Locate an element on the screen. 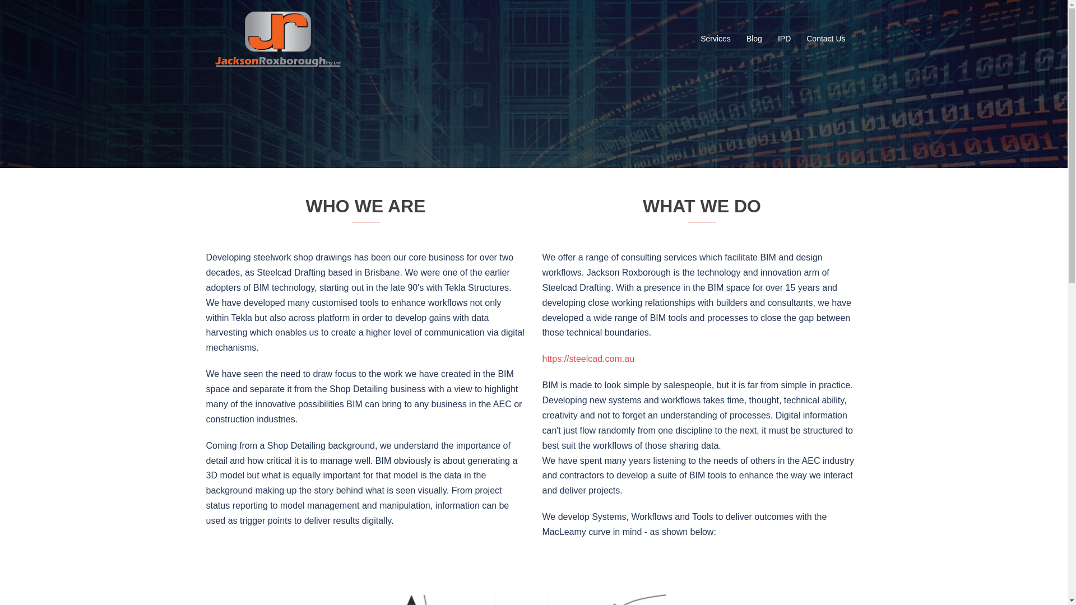 Image resolution: width=1076 pixels, height=605 pixels. 'Contact Us' is located at coordinates (825, 38).